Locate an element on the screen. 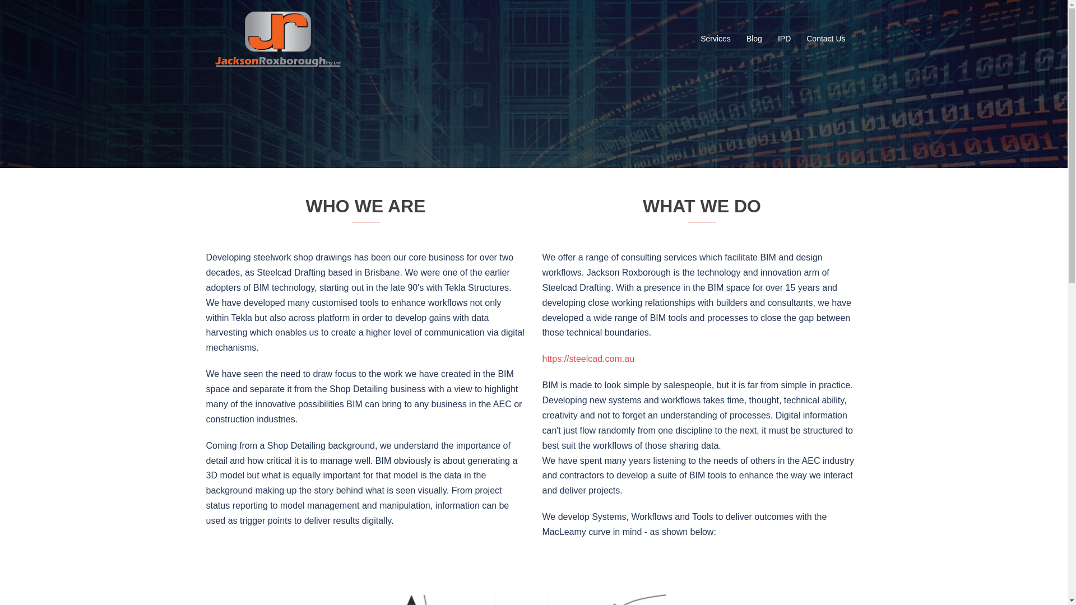 Image resolution: width=1076 pixels, height=605 pixels. 'Contact Us' is located at coordinates (825, 38).